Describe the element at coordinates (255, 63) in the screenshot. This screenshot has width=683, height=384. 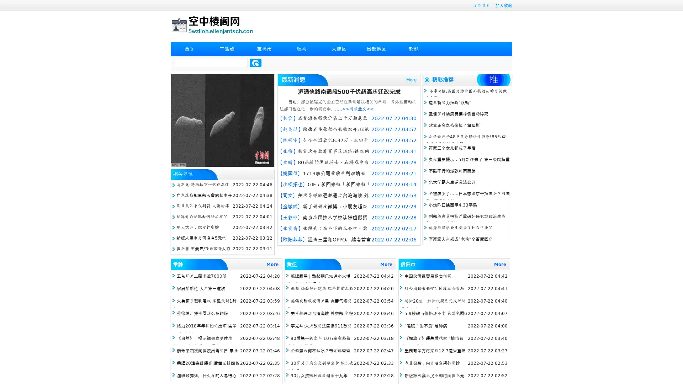
I see `Search` at that location.